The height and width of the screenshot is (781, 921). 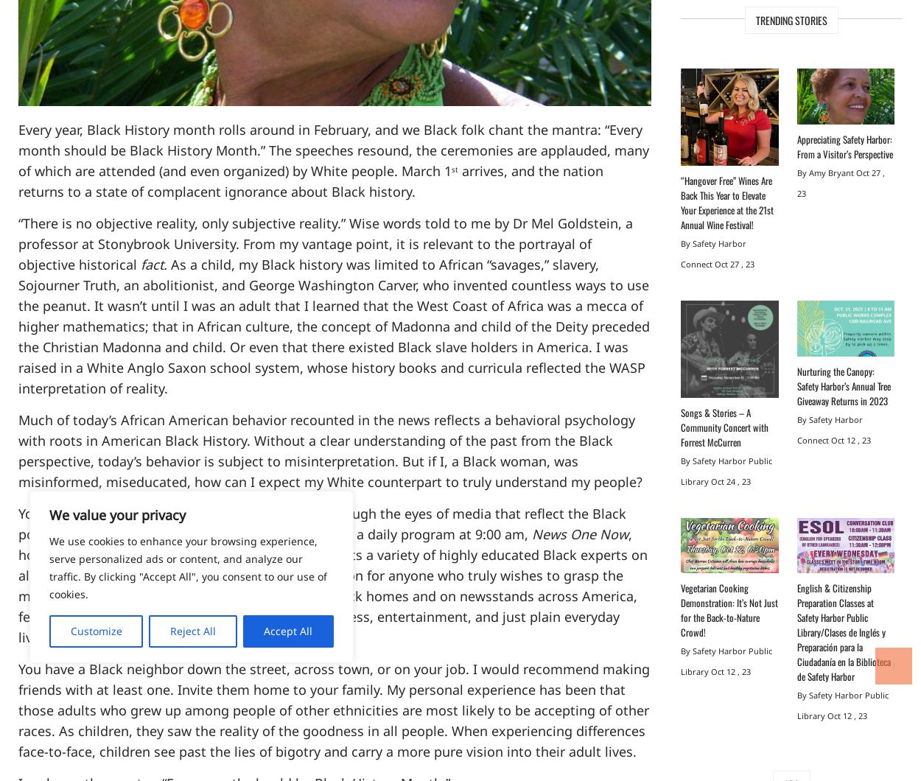 I want to click on '“Hangover Free” Wines Are Back This Year to Elevate Your Experience at the 21st Annual Wine Festival!', so click(x=726, y=202).